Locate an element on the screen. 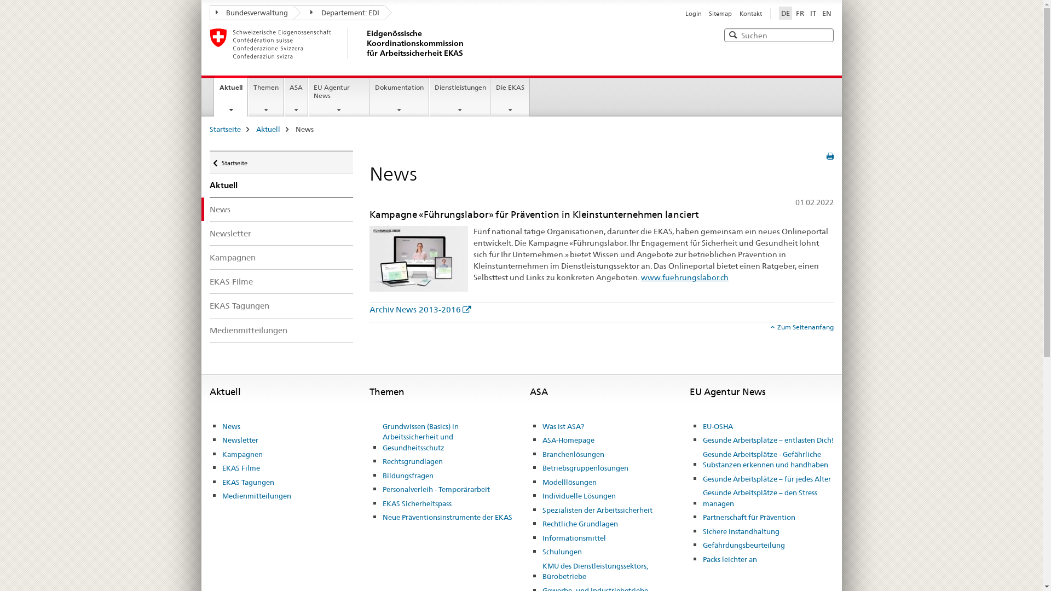  'EKAS Tagungen' is located at coordinates (209, 305).